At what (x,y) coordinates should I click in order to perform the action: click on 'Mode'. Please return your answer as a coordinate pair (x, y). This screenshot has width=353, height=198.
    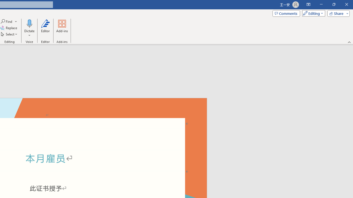
    Looking at the image, I should click on (312, 13).